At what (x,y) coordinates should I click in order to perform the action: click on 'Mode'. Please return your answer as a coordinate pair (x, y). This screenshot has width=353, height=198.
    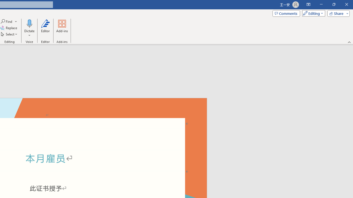
    Looking at the image, I should click on (312, 13).